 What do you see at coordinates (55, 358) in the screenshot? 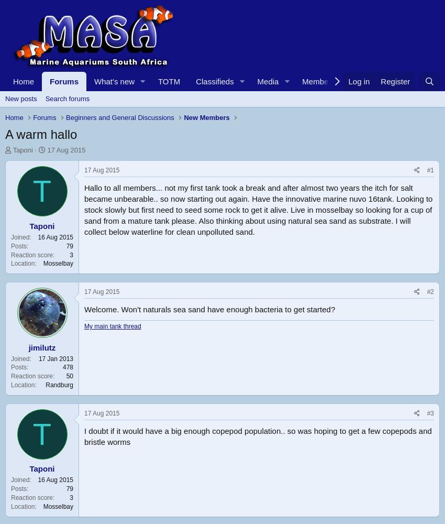
I see `'17 Jan 2013'` at bounding box center [55, 358].